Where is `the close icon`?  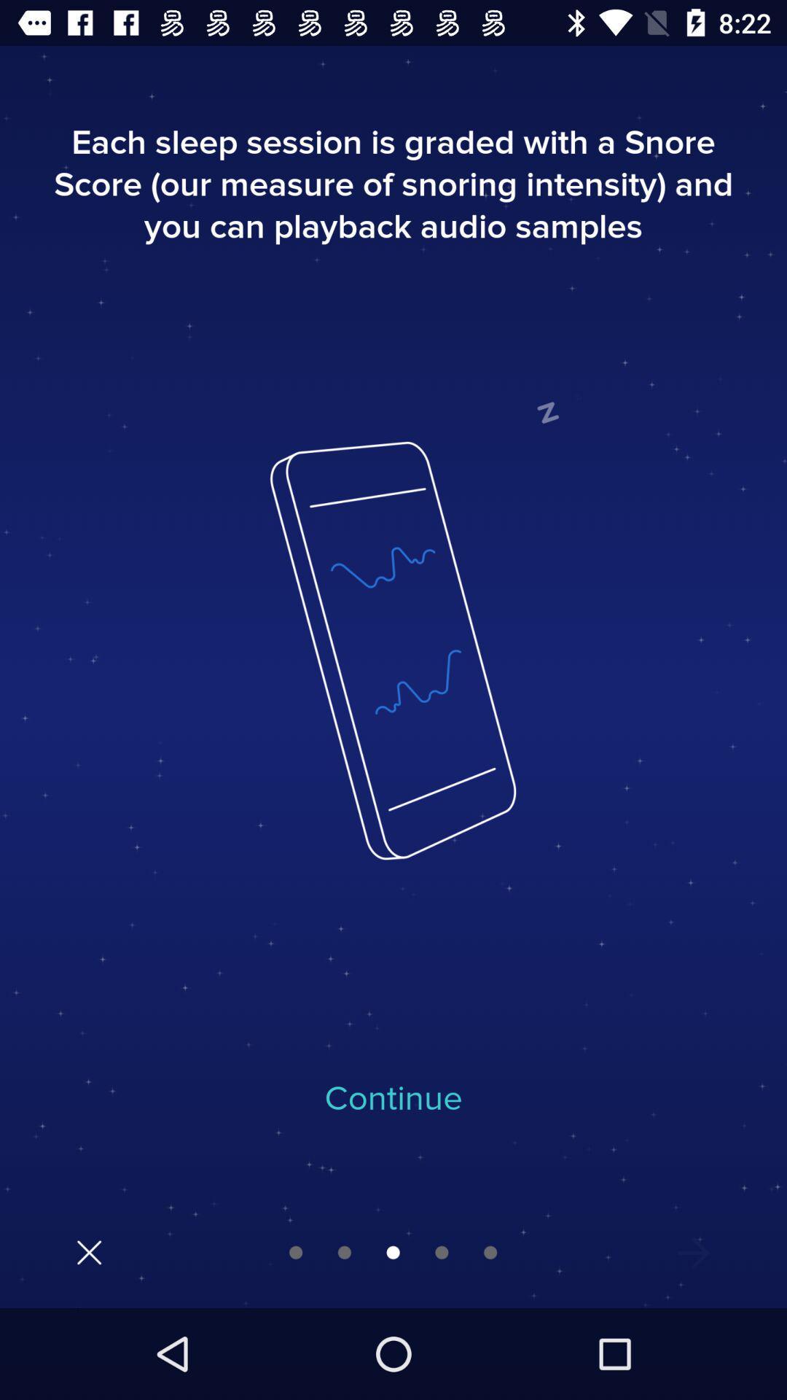
the close icon is located at coordinates (89, 1251).